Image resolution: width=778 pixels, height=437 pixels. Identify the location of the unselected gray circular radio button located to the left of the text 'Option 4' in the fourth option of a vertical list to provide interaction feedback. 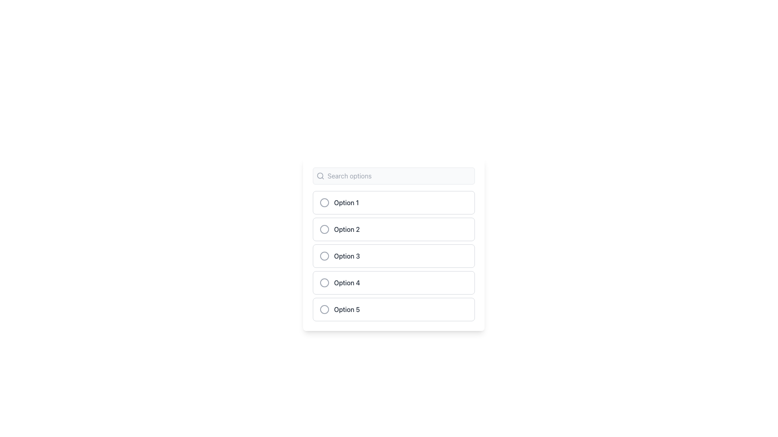
(324, 282).